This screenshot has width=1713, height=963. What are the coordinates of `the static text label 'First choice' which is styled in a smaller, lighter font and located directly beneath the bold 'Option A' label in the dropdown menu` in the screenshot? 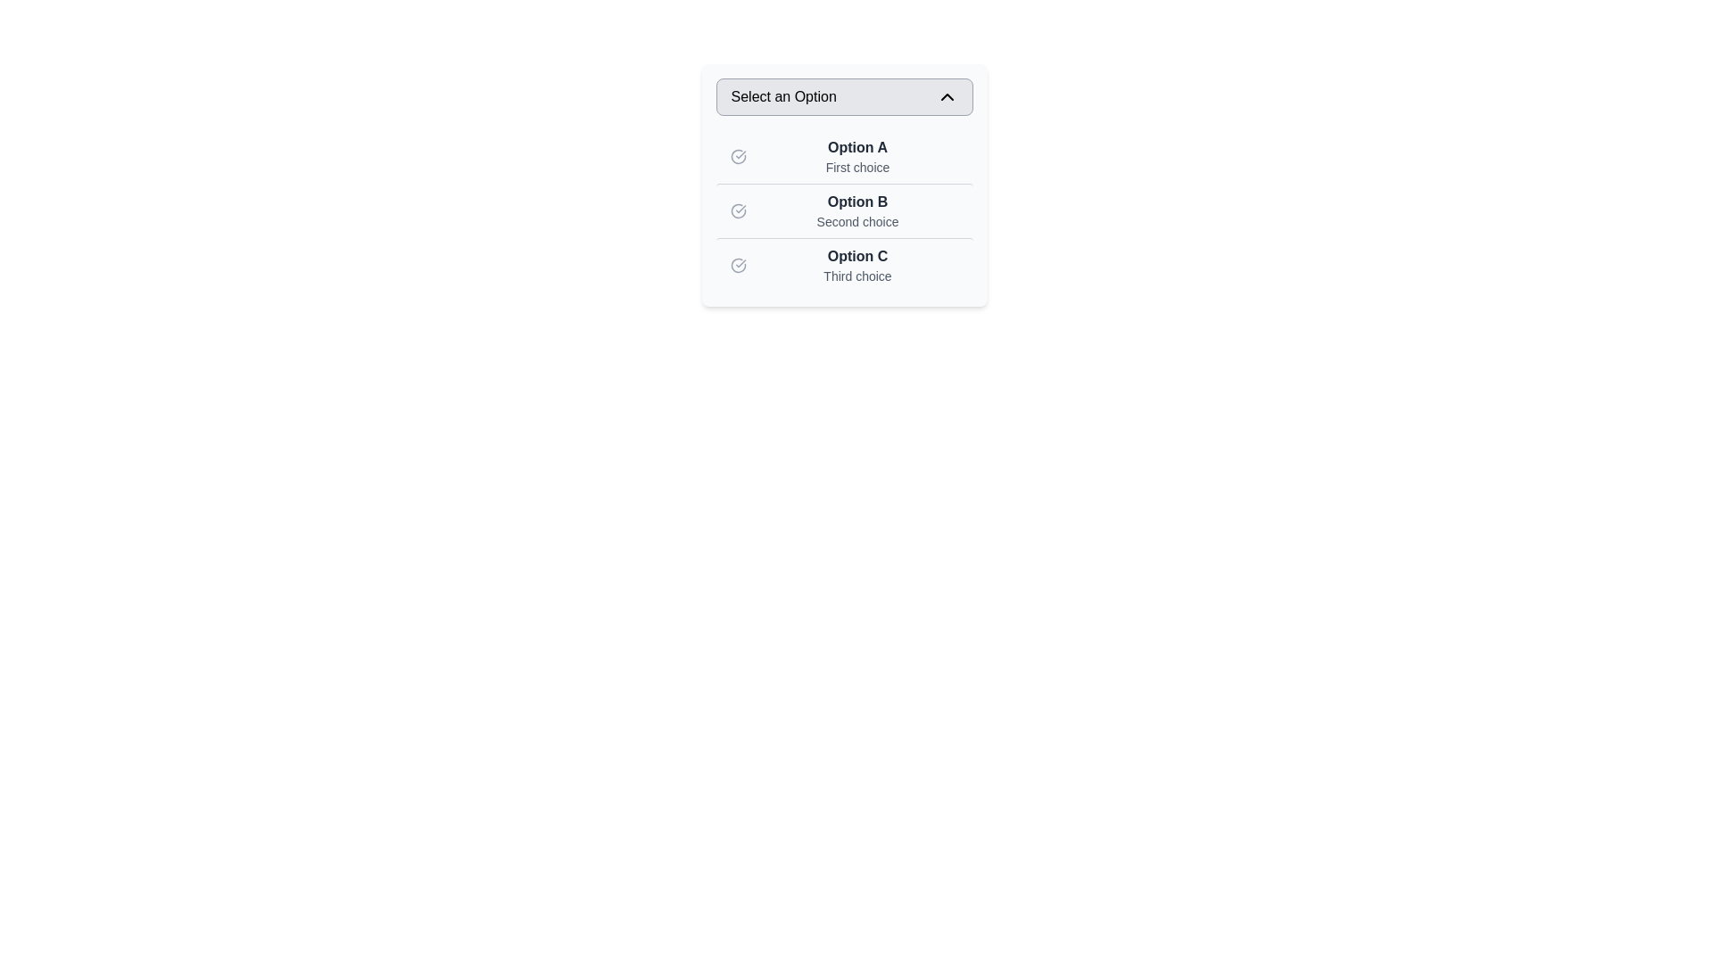 It's located at (857, 168).